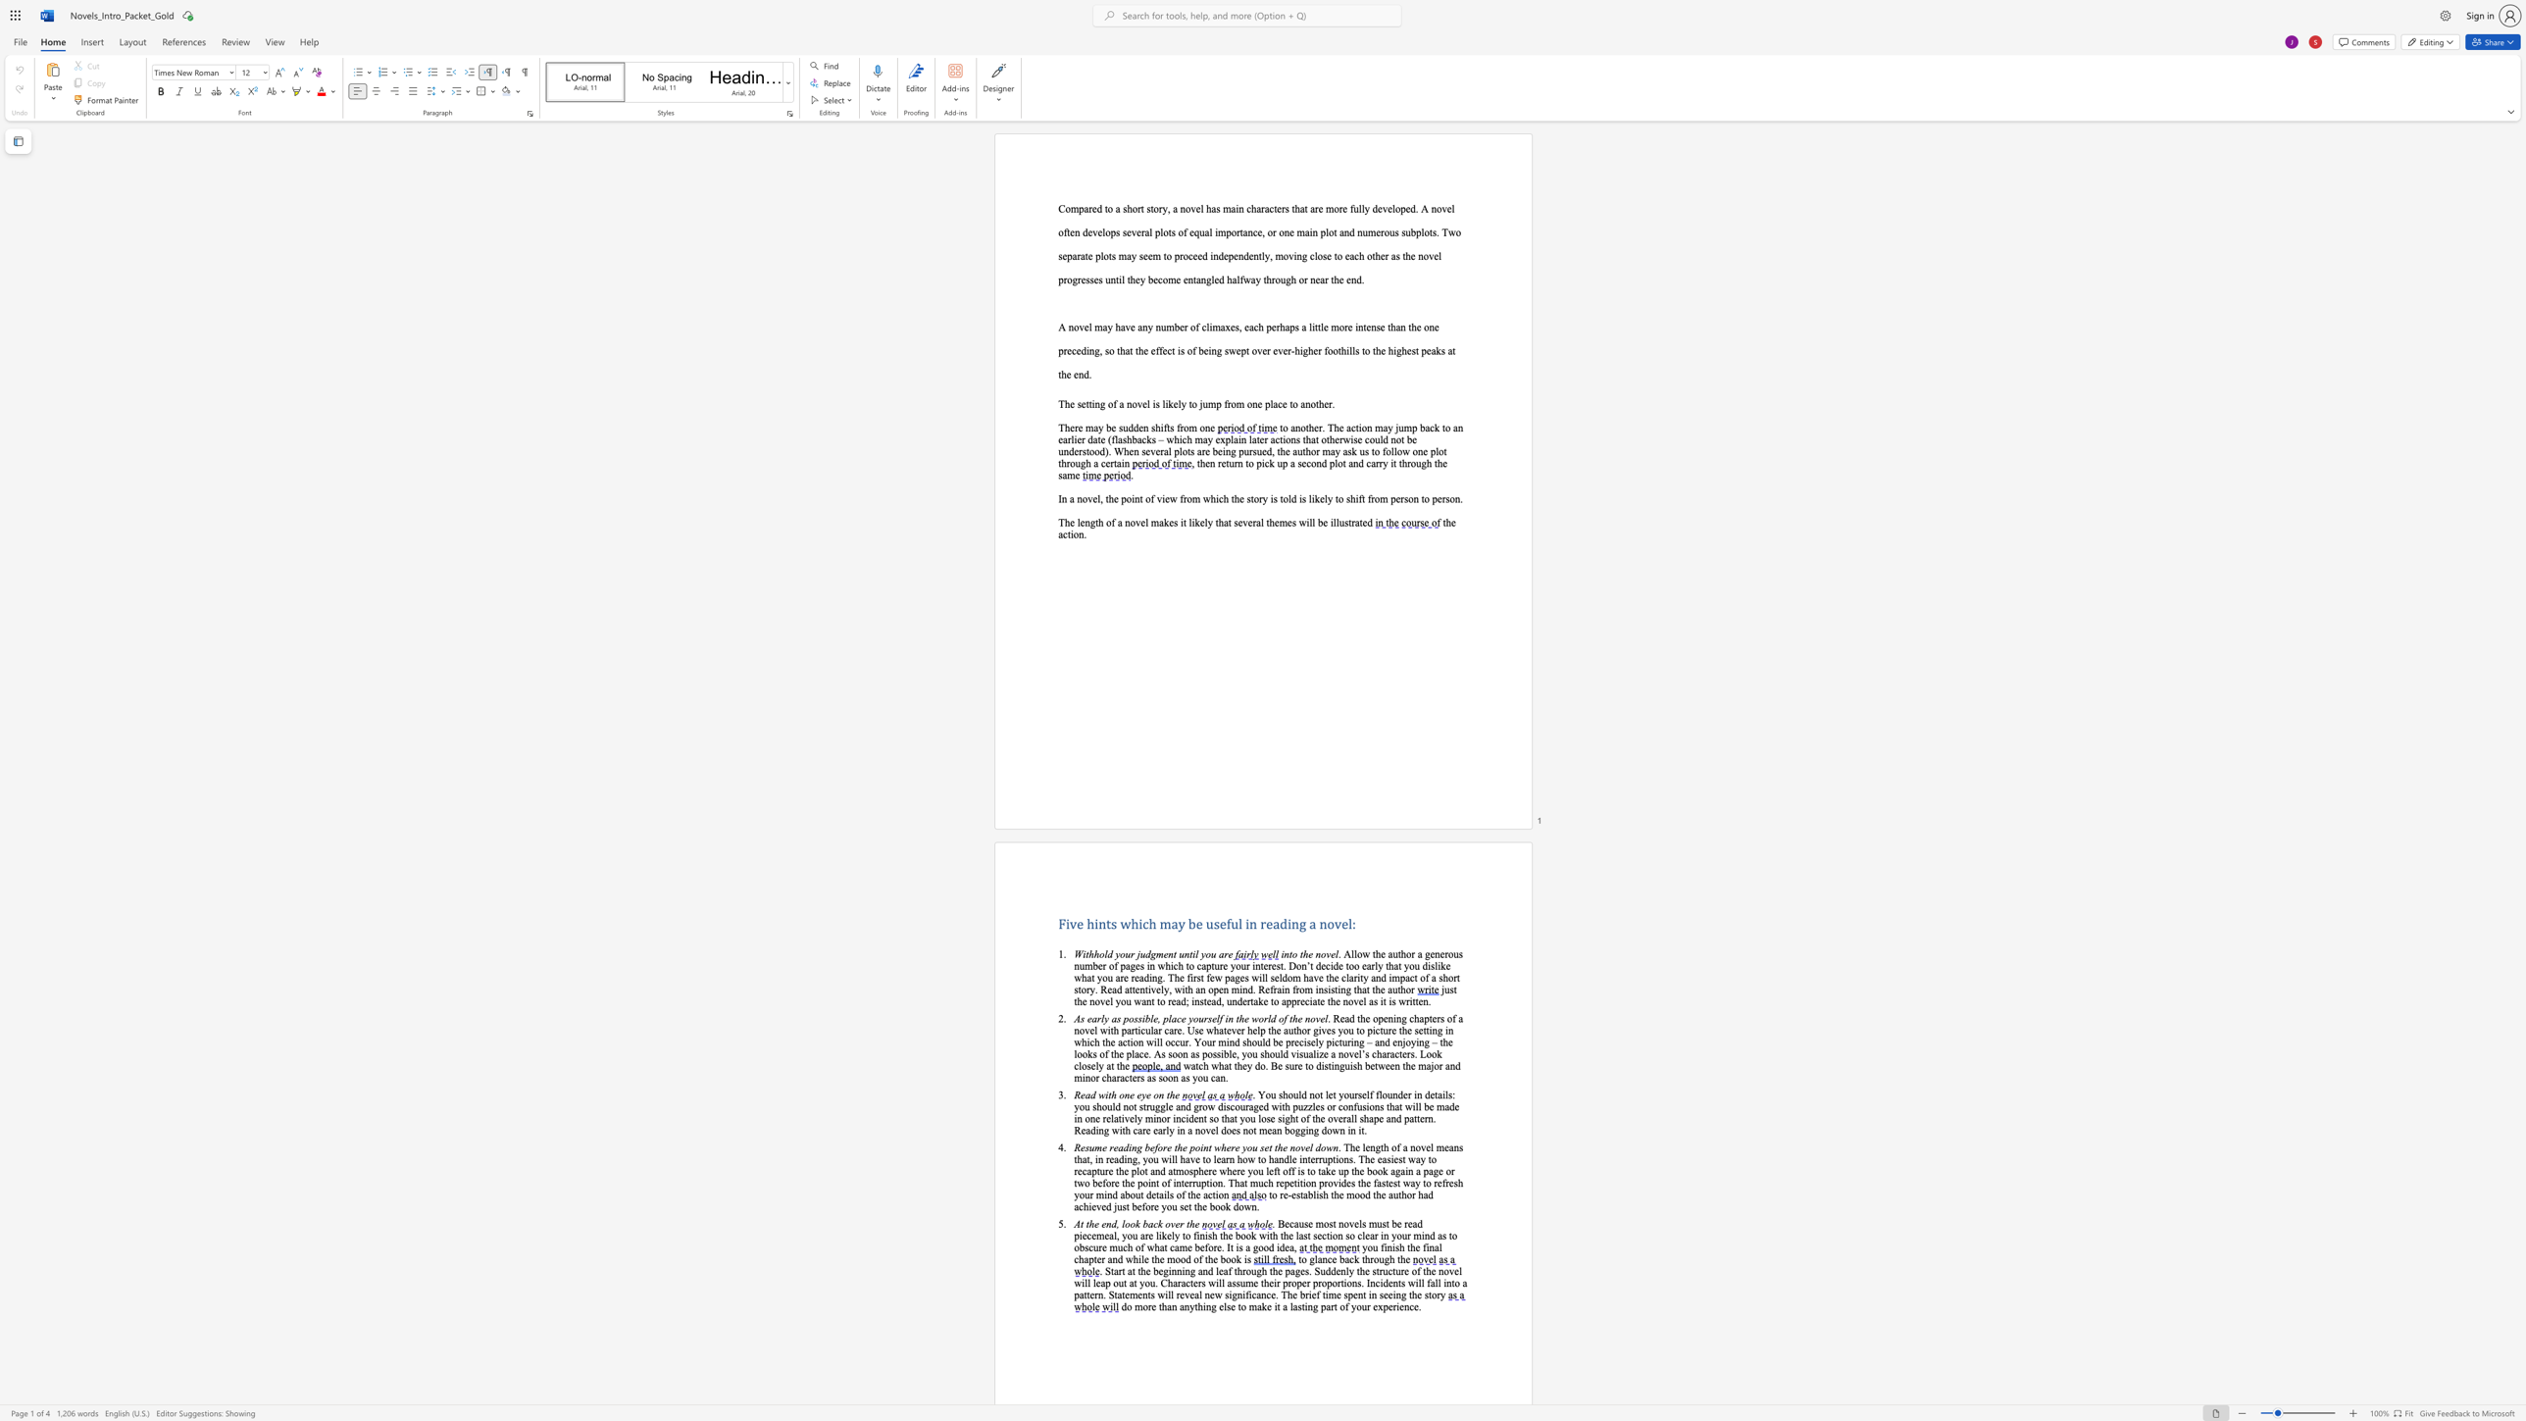  What do you see at coordinates (1137, 1118) in the screenshot?
I see `the subset text "y min" within the text "relatively minor"` at bounding box center [1137, 1118].